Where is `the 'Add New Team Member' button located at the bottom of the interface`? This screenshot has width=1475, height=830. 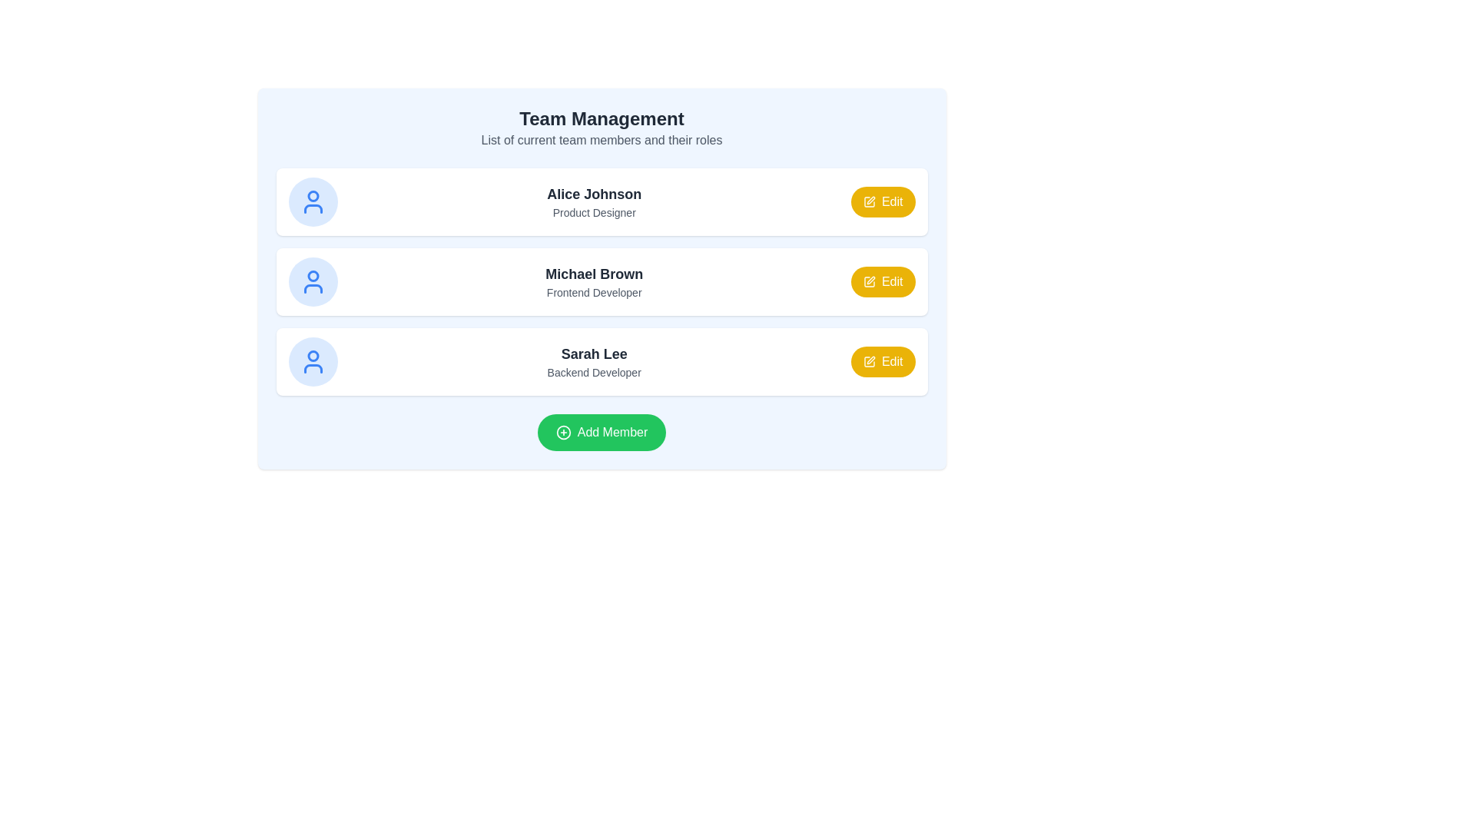
the 'Add New Team Member' button located at the bottom of the interface is located at coordinates (601, 433).